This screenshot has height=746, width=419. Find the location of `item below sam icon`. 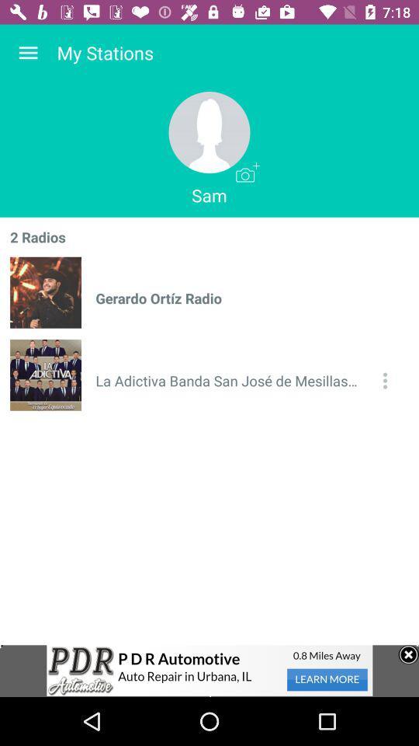

item below sam icon is located at coordinates (229, 298).